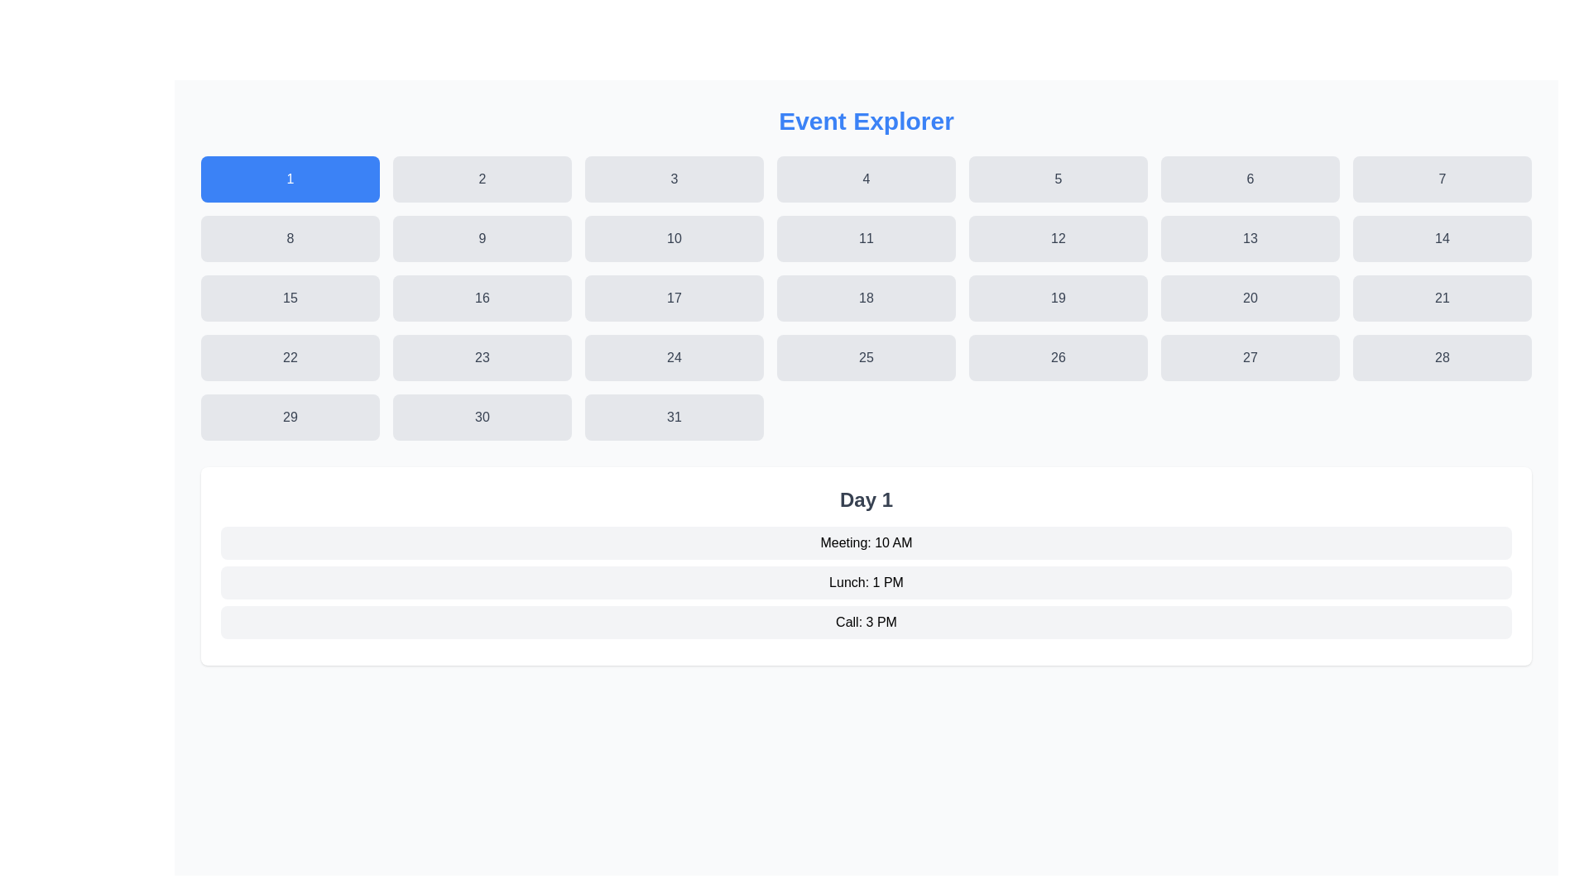 This screenshot has height=893, width=1589. What do you see at coordinates (865, 179) in the screenshot?
I see `the fourth button in the first row of a 7xN grid layout, located between buttons '3' and '5', to trigger a hover effect` at bounding box center [865, 179].